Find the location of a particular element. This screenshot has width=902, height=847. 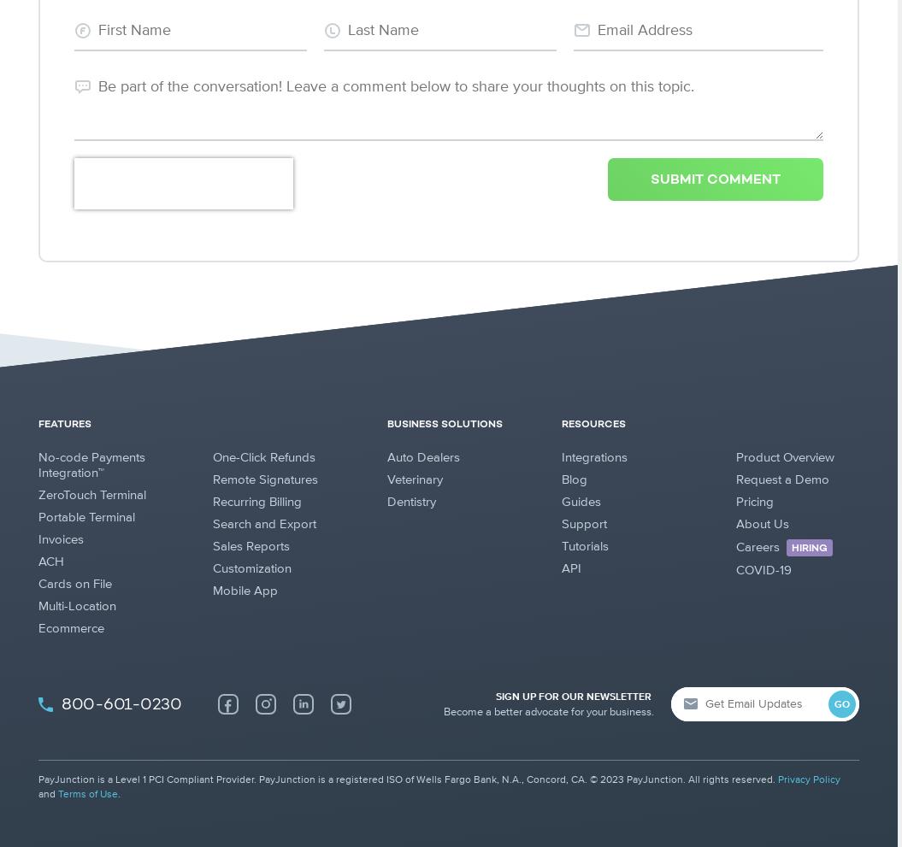

'RESOURCES' is located at coordinates (592, 424).